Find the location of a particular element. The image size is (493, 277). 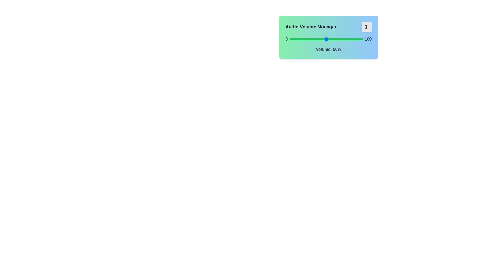

the audio volume is located at coordinates (290, 39).